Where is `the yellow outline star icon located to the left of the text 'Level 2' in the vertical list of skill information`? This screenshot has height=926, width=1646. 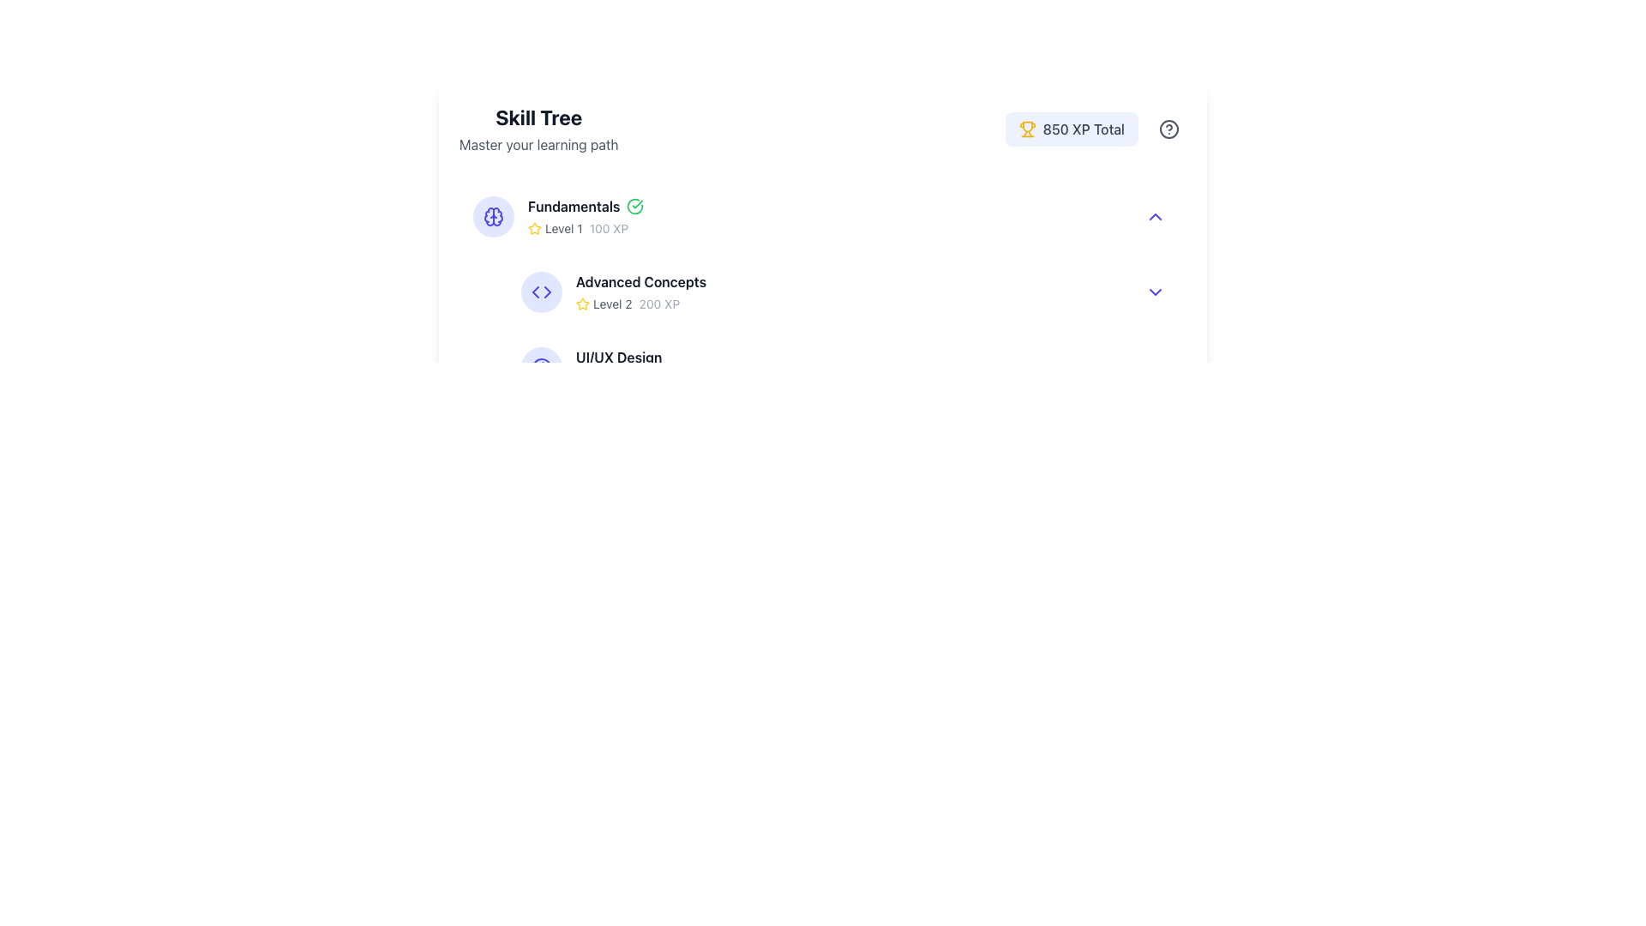
the yellow outline star icon located to the left of the text 'Level 2' in the vertical list of skill information is located at coordinates (583, 303).